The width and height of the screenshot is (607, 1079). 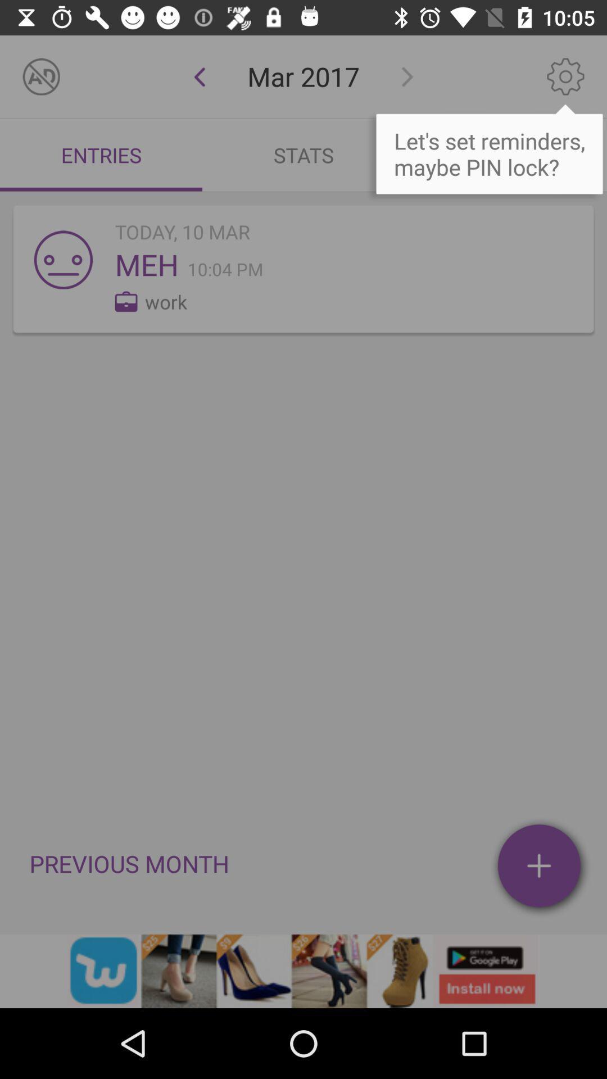 What do you see at coordinates (565, 76) in the screenshot?
I see `the settings icon` at bounding box center [565, 76].